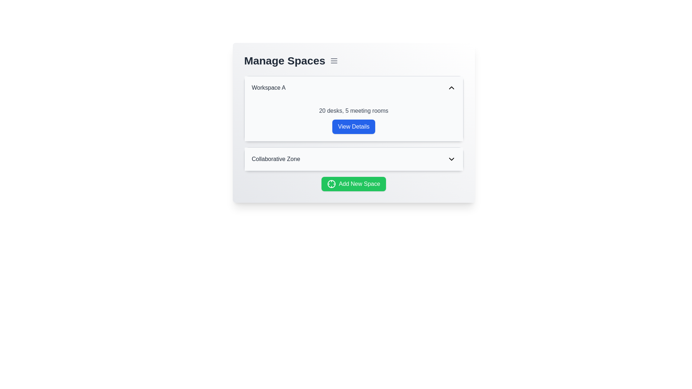 The height and width of the screenshot is (389, 692). Describe the element at coordinates (354, 183) in the screenshot. I see `the button at the bottom of the 'Manage Spaces' card` at that location.